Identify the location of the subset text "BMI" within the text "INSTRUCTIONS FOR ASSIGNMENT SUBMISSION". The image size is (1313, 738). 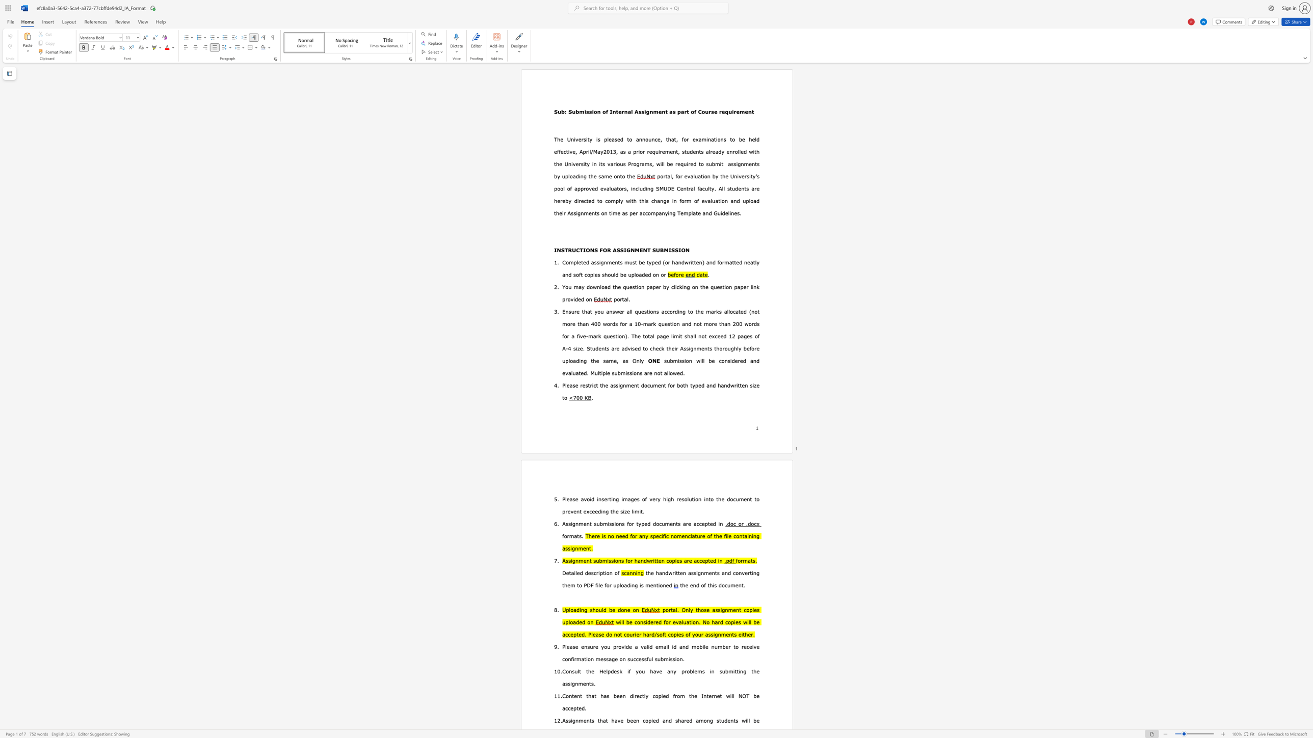
(660, 250).